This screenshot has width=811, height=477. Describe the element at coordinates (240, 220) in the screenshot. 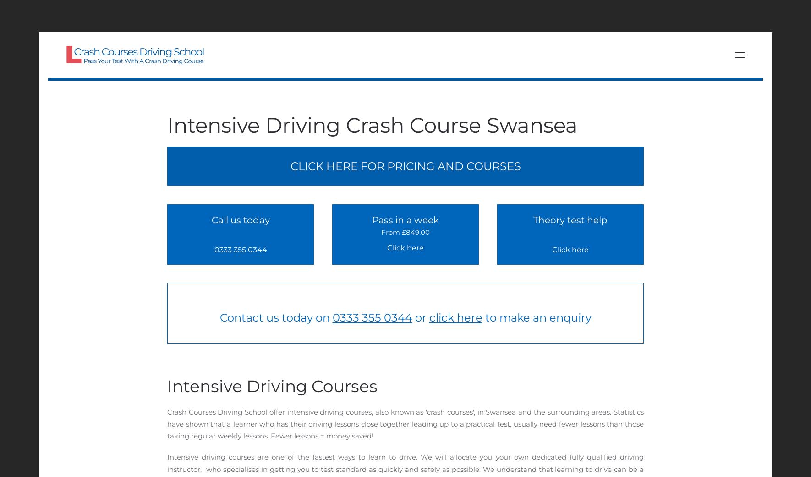

I see `'Call us today'` at that location.